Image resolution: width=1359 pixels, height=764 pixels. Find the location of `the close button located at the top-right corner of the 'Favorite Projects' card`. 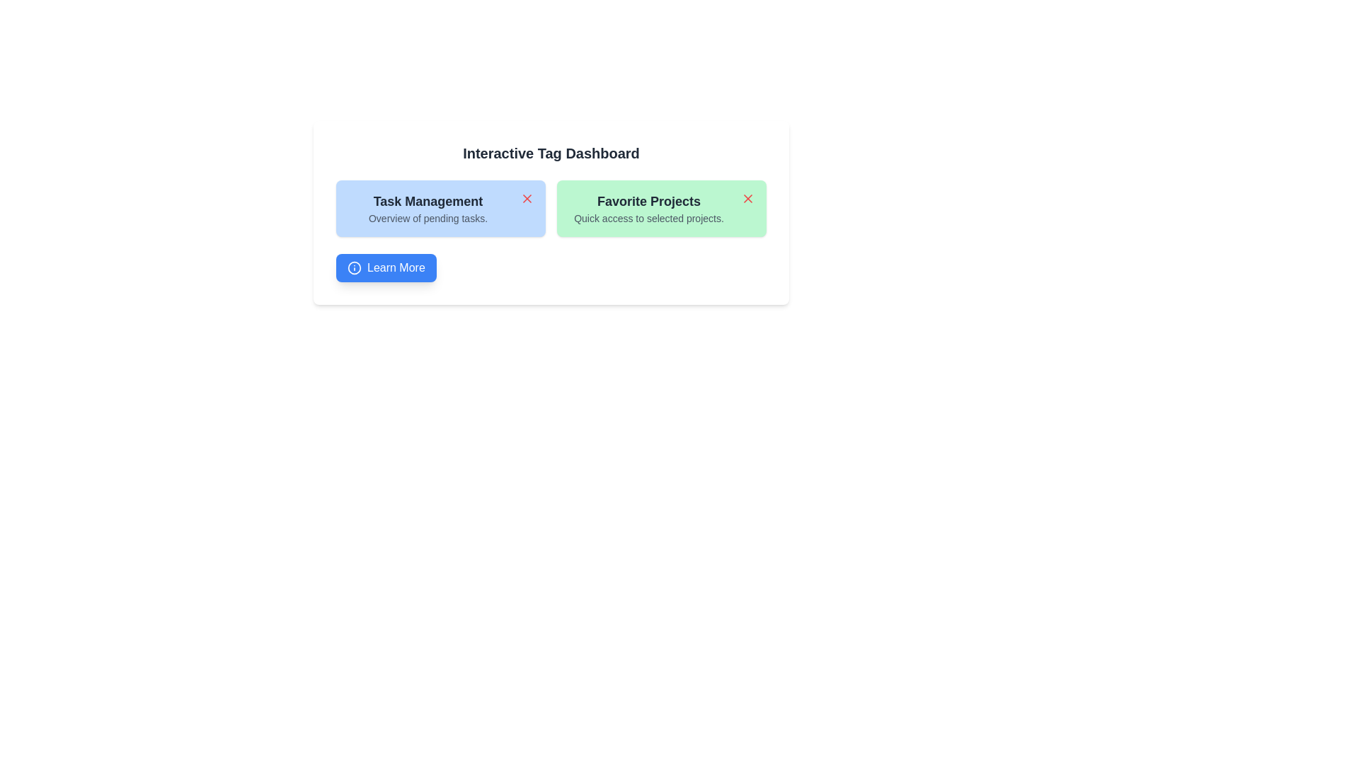

the close button located at the top-right corner of the 'Favorite Projects' card is located at coordinates (747, 199).